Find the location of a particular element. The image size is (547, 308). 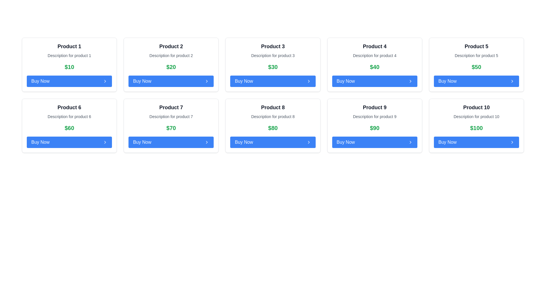

the 'Buy Now' button located in the top left product card to initiate the purchase process is located at coordinates (105, 81).